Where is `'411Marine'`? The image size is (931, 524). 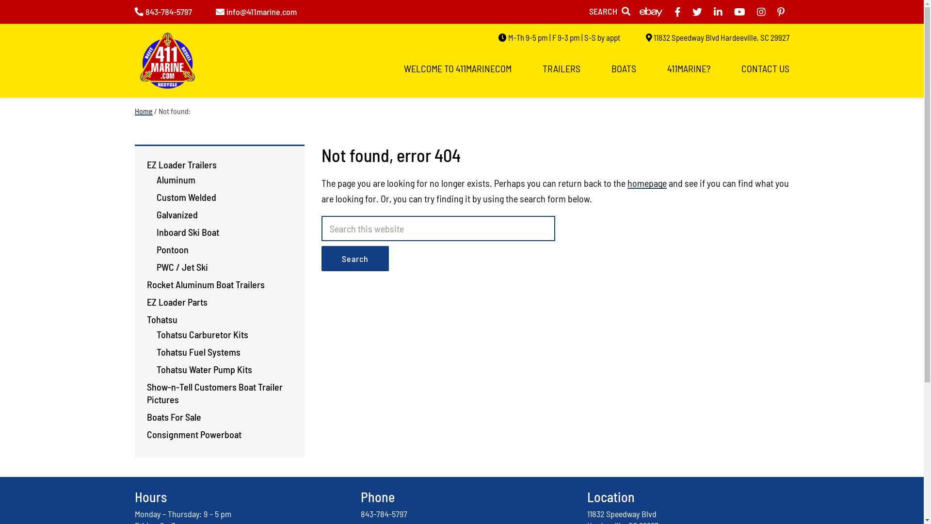 '411Marine' is located at coordinates (167, 64).